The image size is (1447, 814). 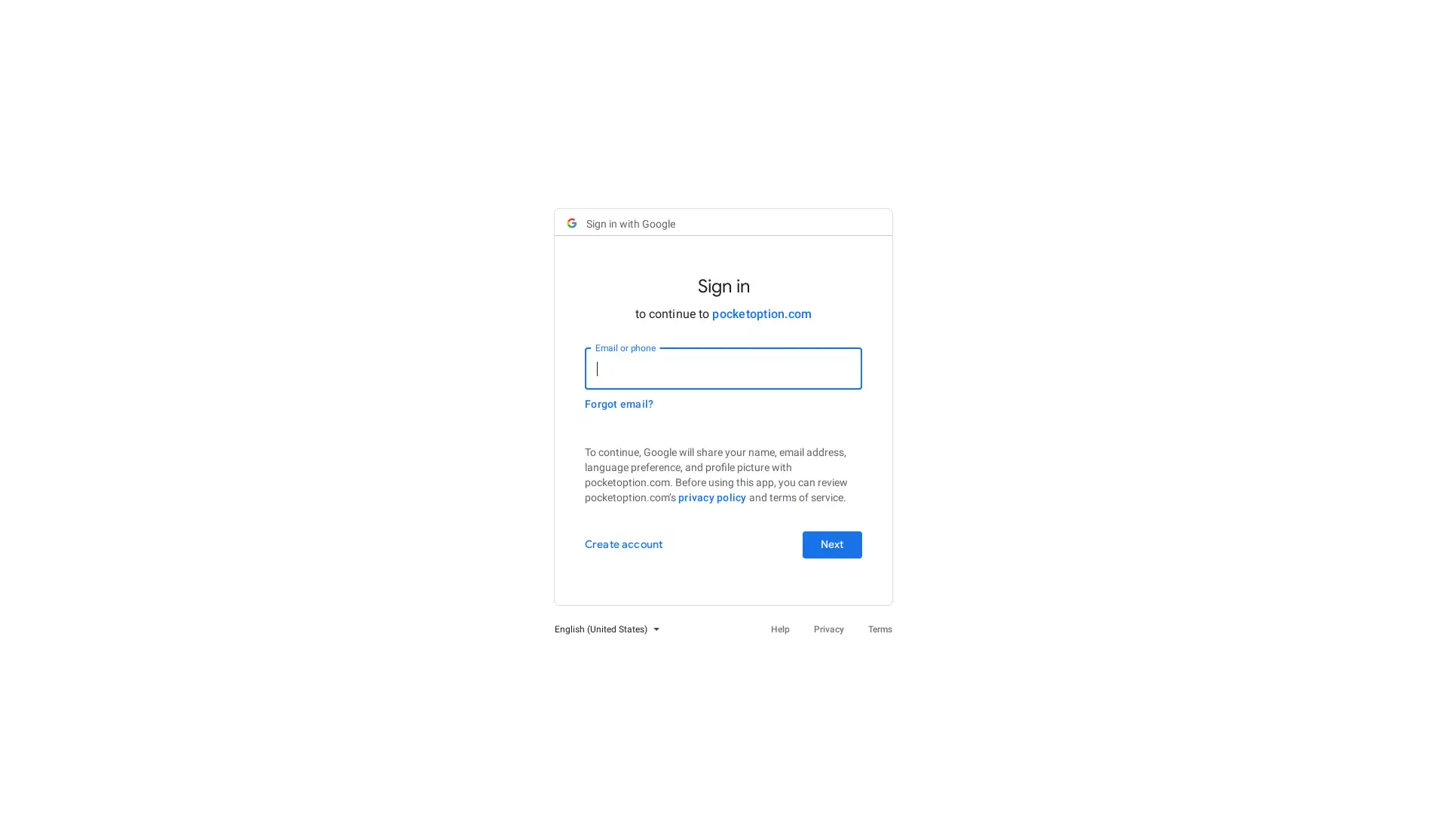 I want to click on Create account, so click(x=623, y=544).